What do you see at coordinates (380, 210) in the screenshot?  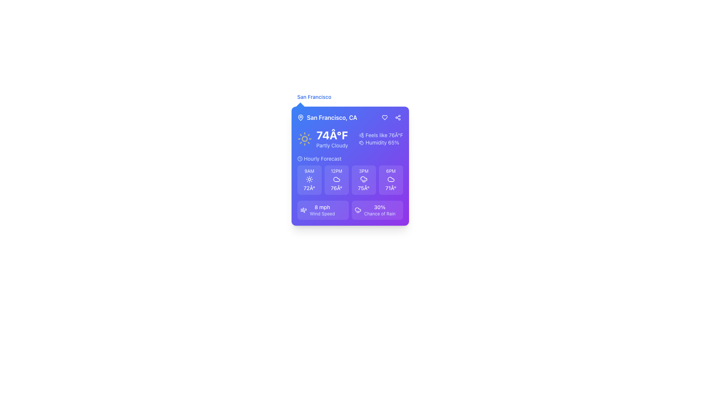 I see `the text label displaying the probability of rain located at the bottom-right corner of the weather information card` at bounding box center [380, 210].